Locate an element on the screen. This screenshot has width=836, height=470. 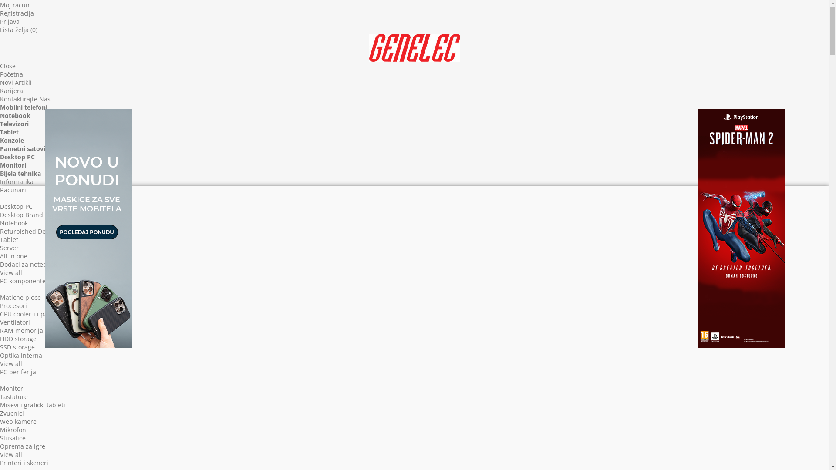
'Printeri i skeneri' is located at coordinates (24, 462).